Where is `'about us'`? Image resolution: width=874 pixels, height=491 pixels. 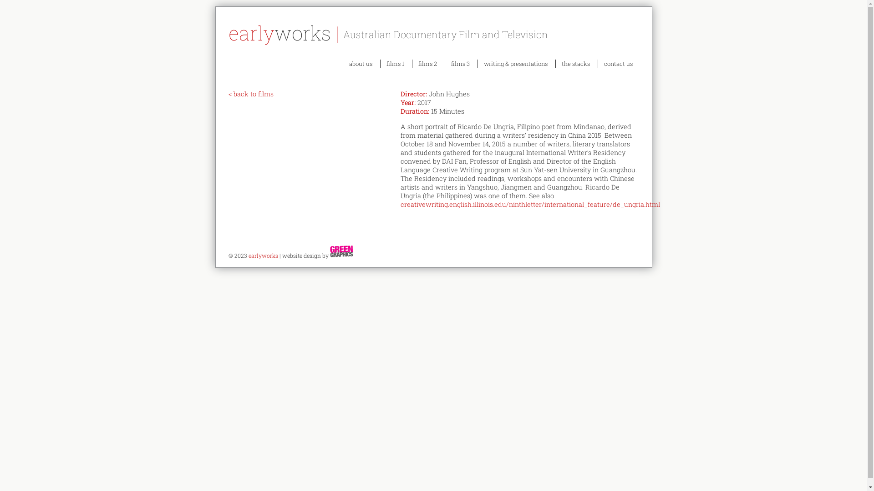 'about us' is located at coordinates (342, 63).